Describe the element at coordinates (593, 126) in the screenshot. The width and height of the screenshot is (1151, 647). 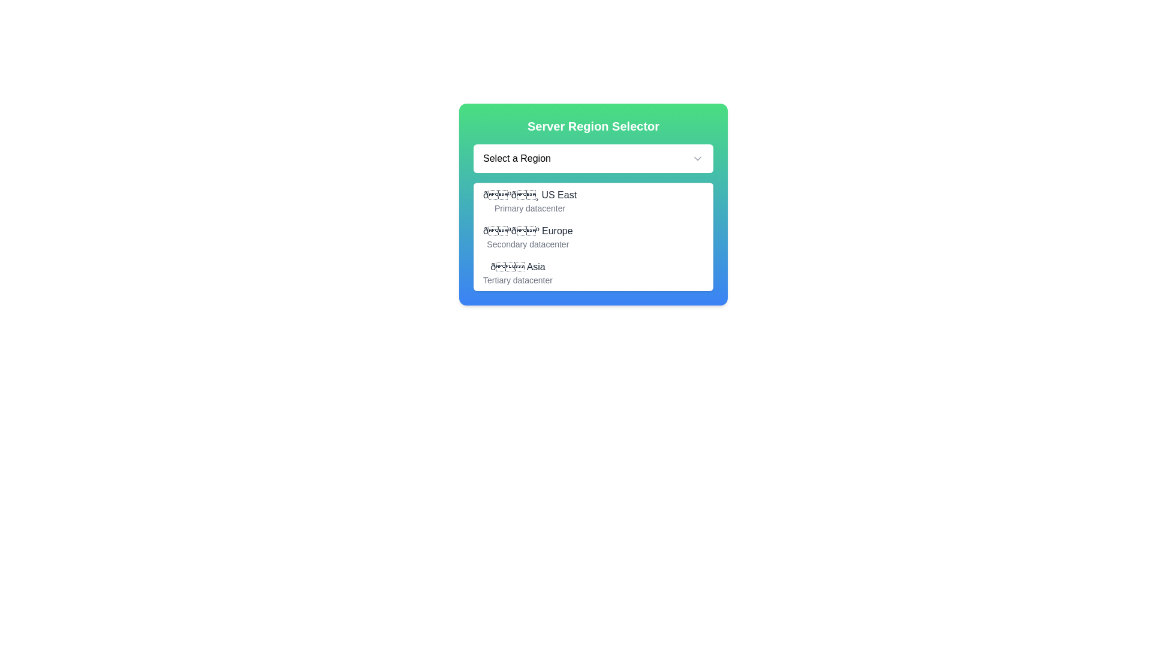
I see `the Text header that serves as a title for the interface, indicating the purpose of the content below it, which is a selector for server regions` at that location.